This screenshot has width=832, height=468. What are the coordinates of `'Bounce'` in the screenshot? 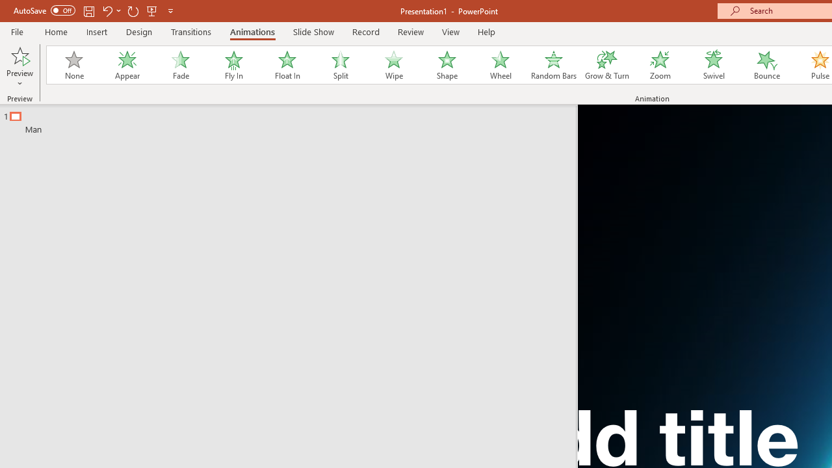 It's located at (767, 65).